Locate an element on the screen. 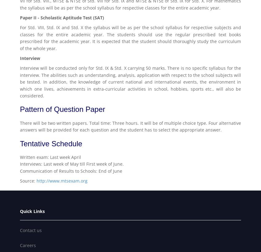 The height and width of the screenshot is (252, 261). 'There will be two written papers. Total time: Three hours. It will be of multiple choice type. Four alternative answers will be provided for each question and the student has to select the appropriate answer.' is located at coordinates (130, 126).